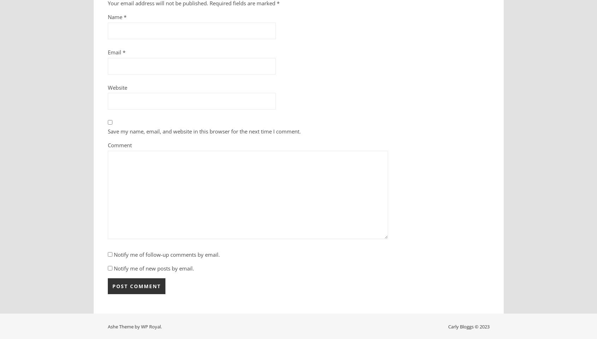 The image size is (597, 339). What do you see at coordinates (203, 131) in the screenshot?
I see `'Save my name, email, and website in this browser for the next time I comment.'` at bounding box center [203, 131].